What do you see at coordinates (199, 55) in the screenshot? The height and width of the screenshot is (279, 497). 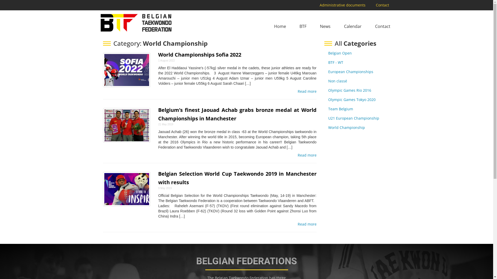 I see `'World Championships Sofia 2022'` at bounding box center [199, 55].